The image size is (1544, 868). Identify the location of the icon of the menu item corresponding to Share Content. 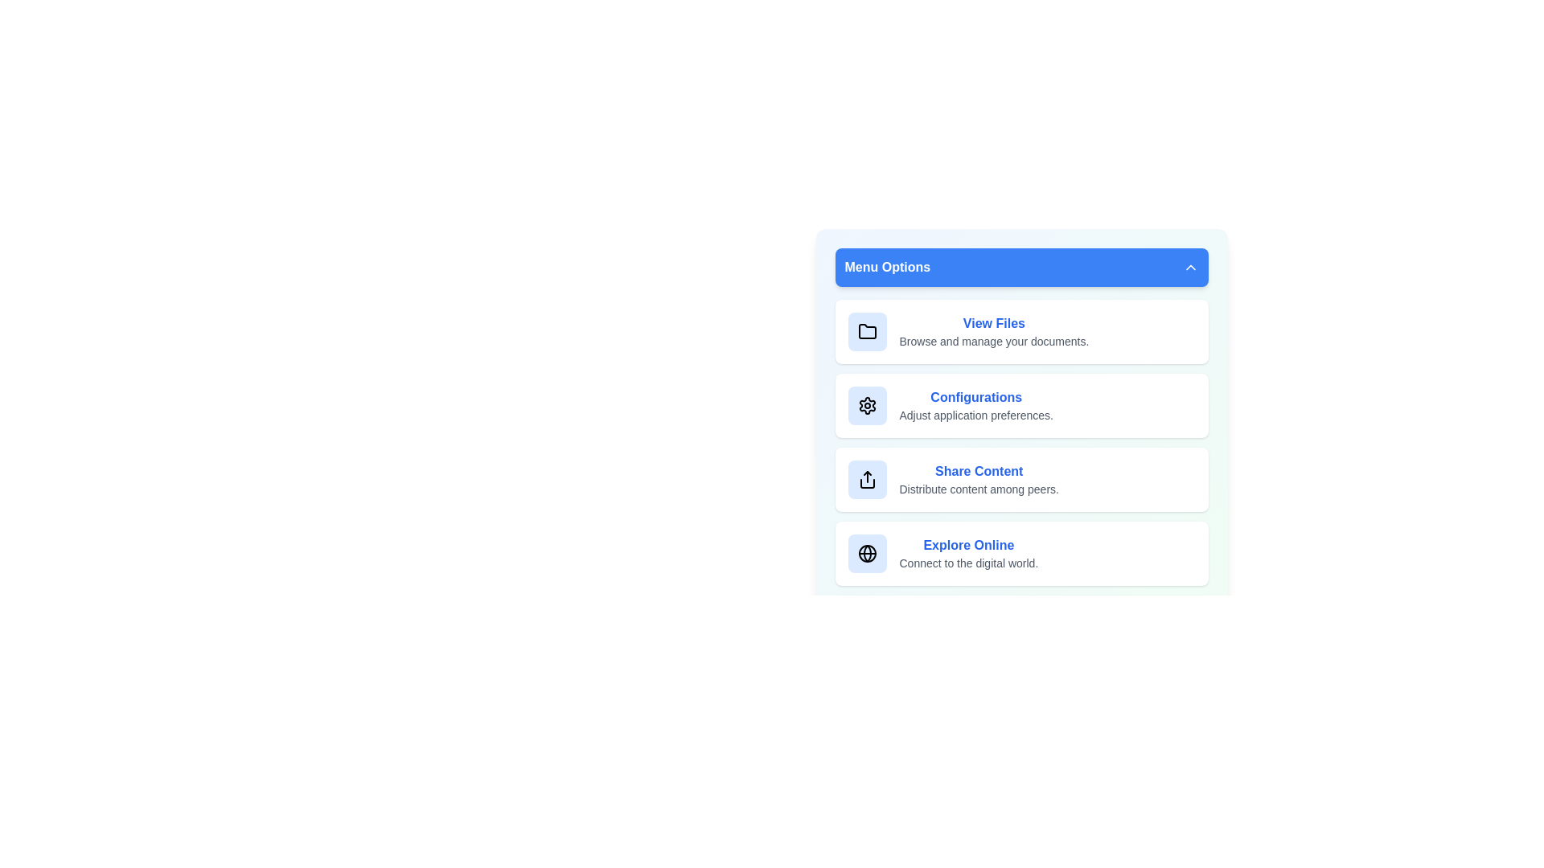
(866, 479).